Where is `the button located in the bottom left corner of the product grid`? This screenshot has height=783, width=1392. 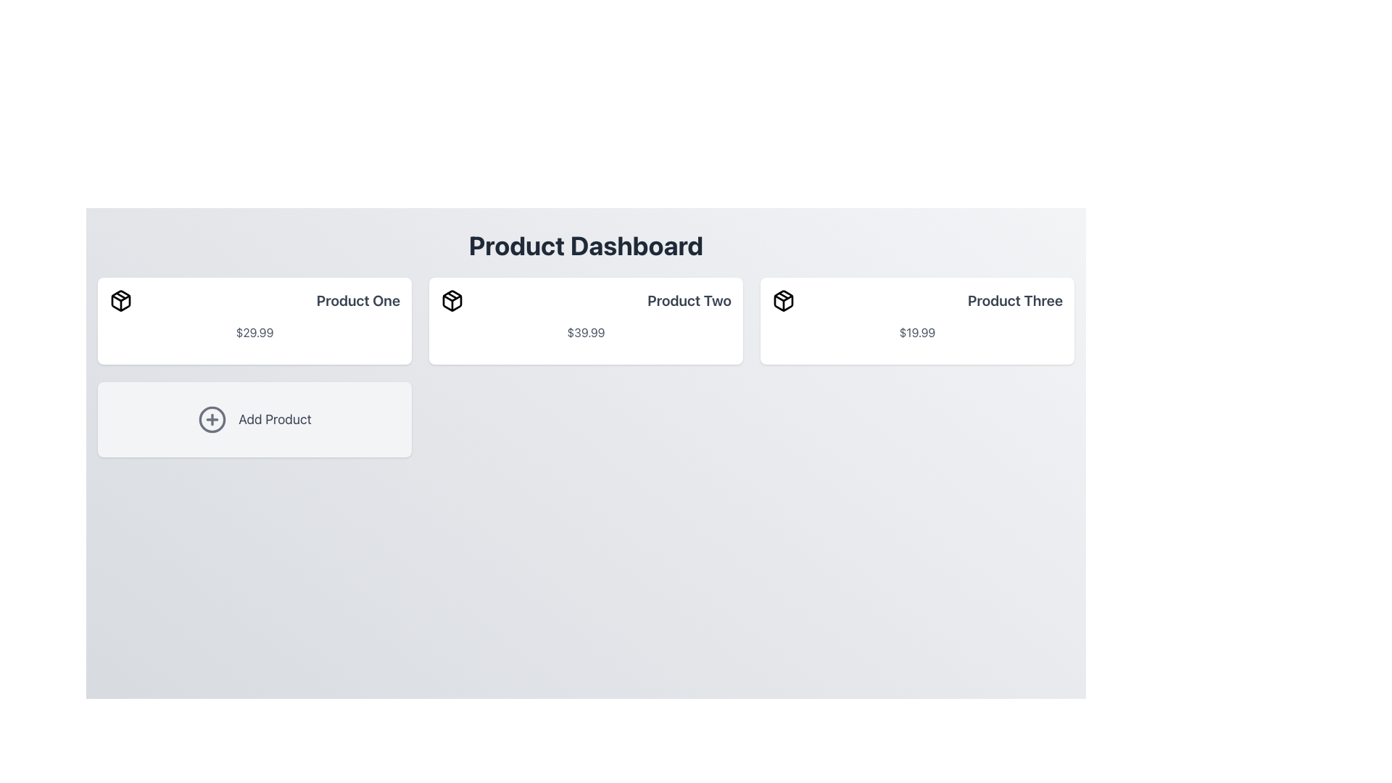
the button located in the bottom left corner of the product grid is located at coordinates (254, 419).